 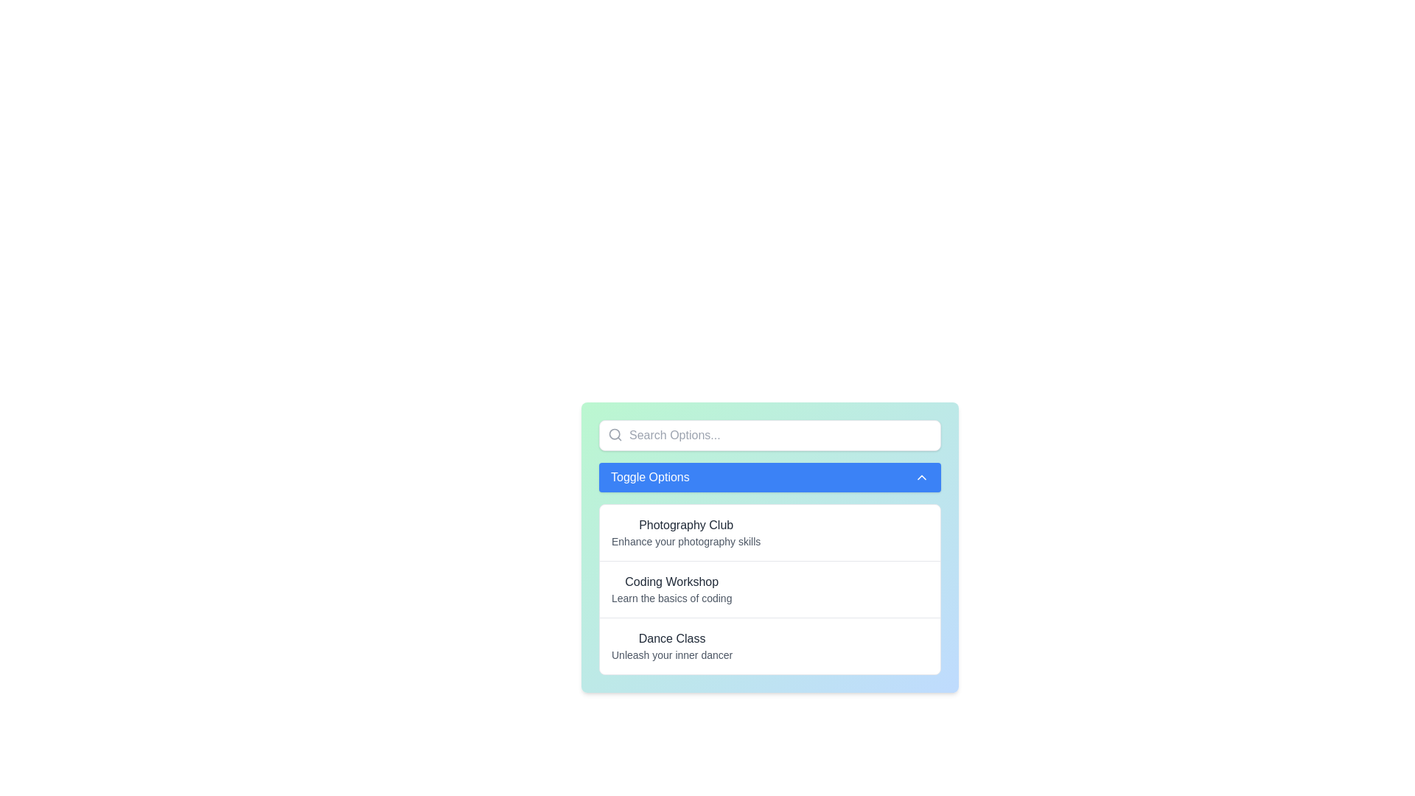 I want to click on the central circular part of the magnifying glass icon located in the top-left corner of the search bar, so click(x=615, y=433).